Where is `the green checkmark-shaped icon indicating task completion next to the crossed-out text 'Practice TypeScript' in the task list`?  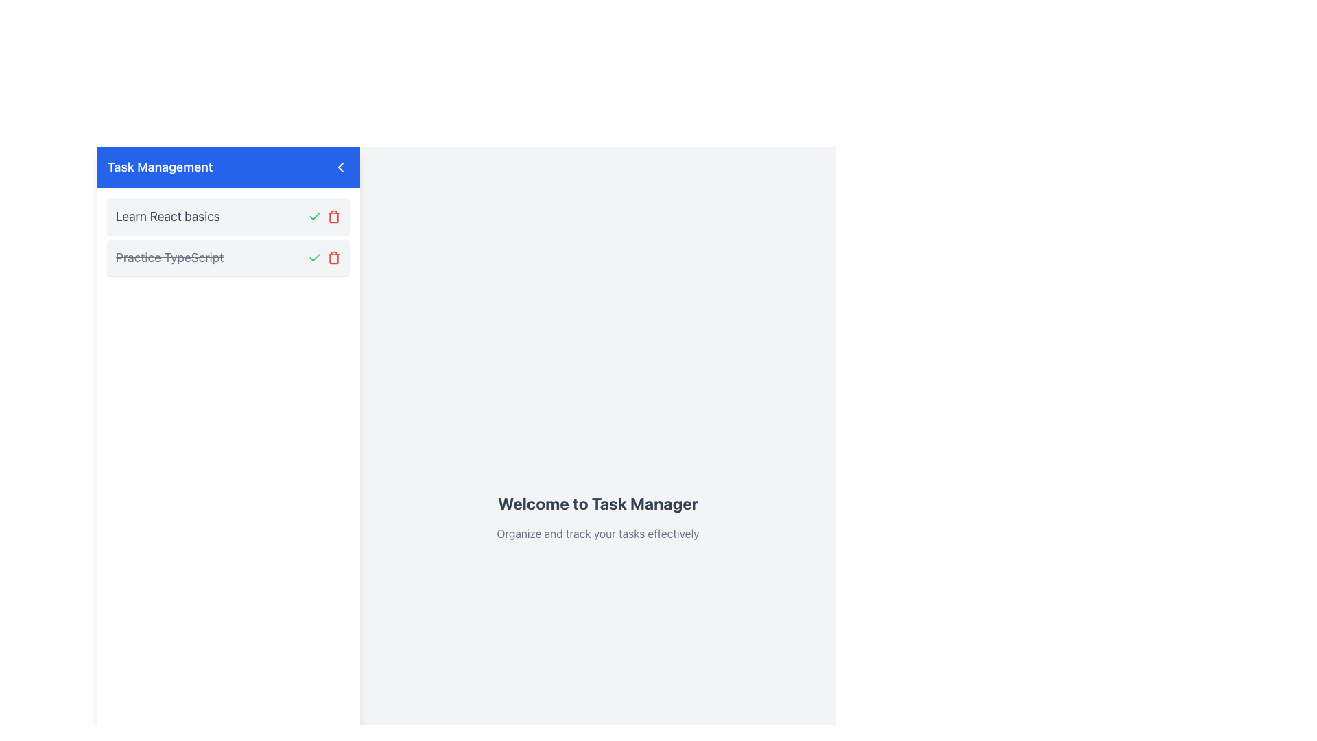
the green checkmark-shaped icon indicating task completion next to the crossed-out text 'Practice TypeScript' in the task list is located at coordinates (314, 216).